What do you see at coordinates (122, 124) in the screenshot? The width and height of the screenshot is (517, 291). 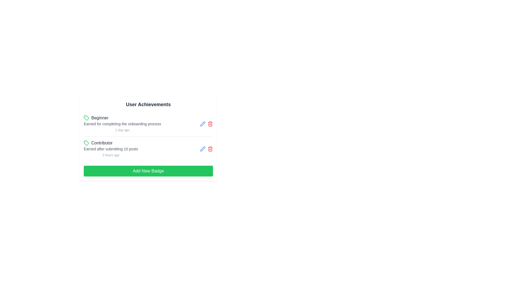 I see `the Text Label providing information about the 'Beginner' badge, which is located below the badge title and above a timestamp` at bounding box center [122, 124].